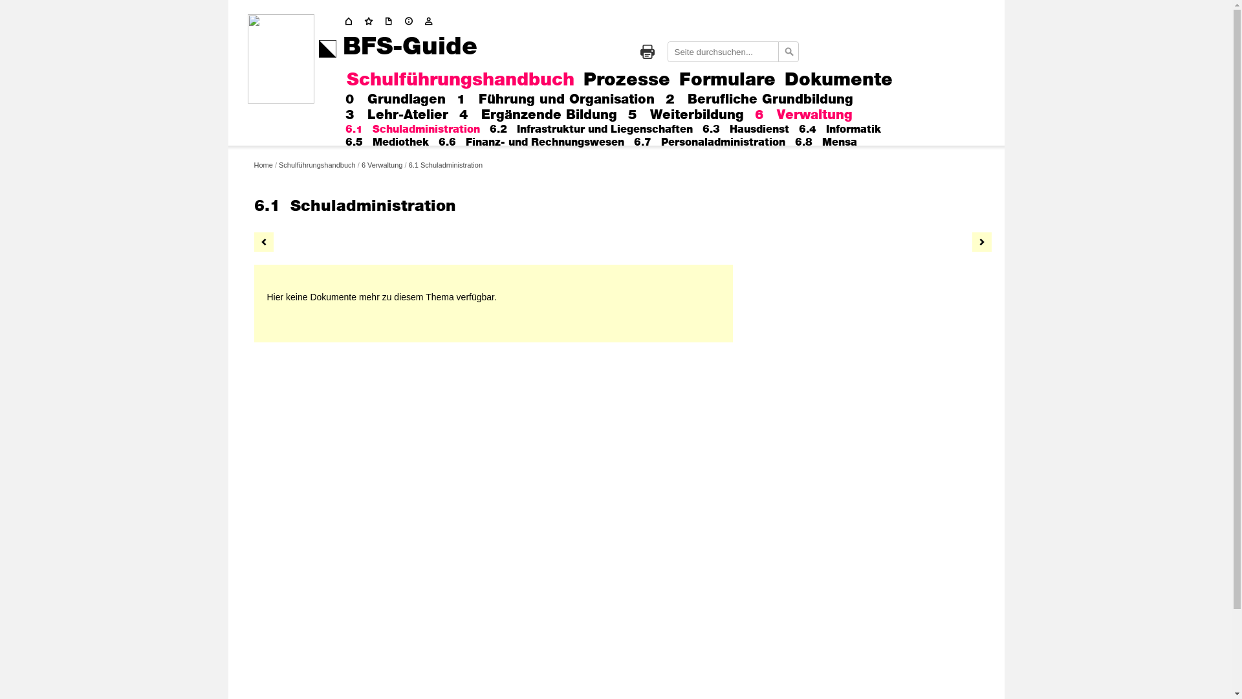 The image size is (1242, 699). I want to click on 'Formulare', so click(679, 80).